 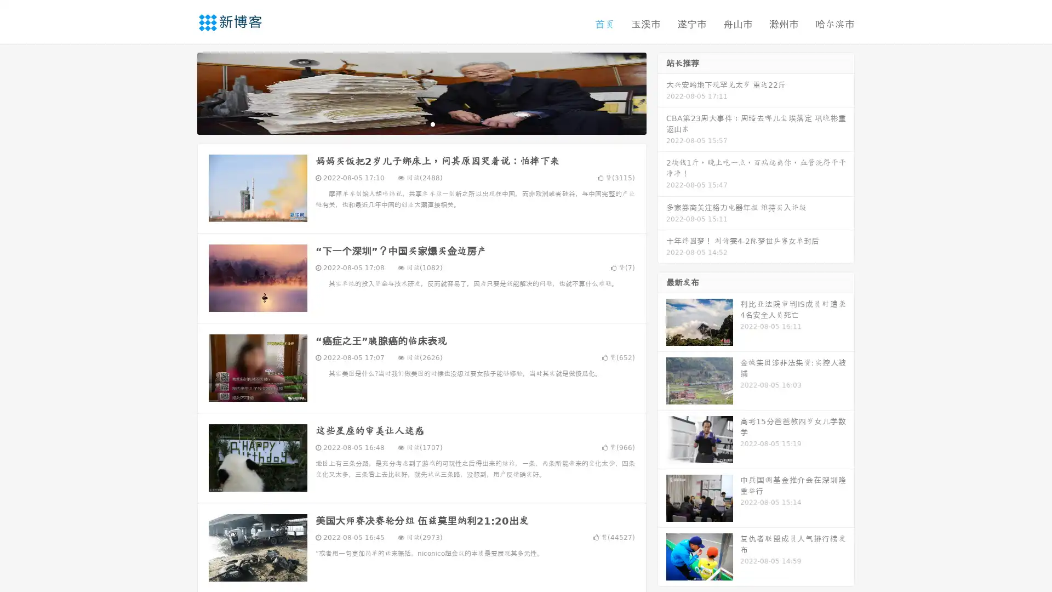 What do you see at coordinates (662, 92) in the screenshot?
I see `Next slide` at bounding box center [662, 92].